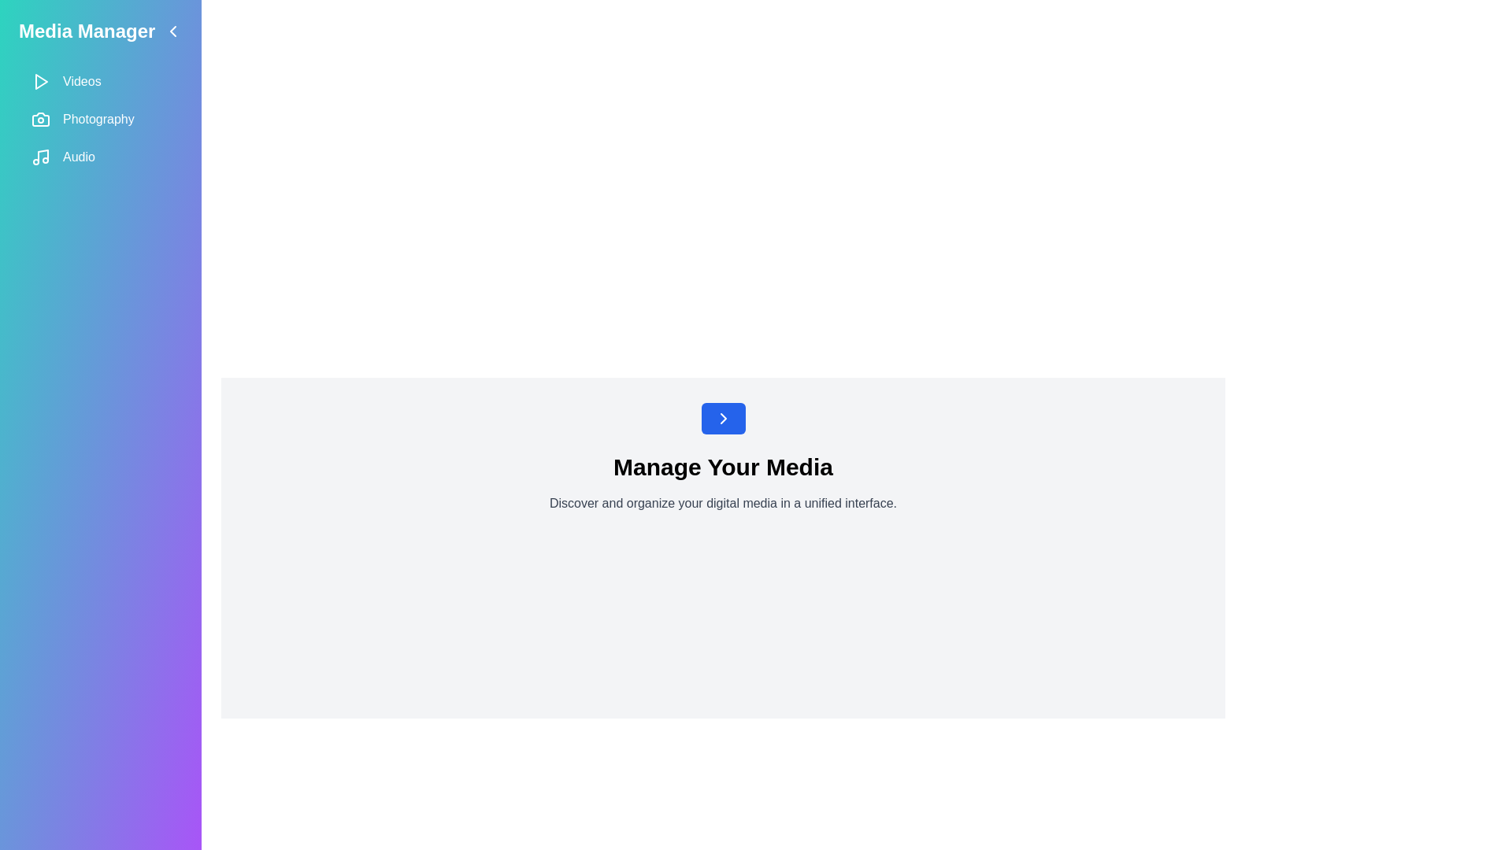 The width and height of the screenshot is (1512, 850). I want to click on the Audio section from the sidebar menu, so click(100, 157).